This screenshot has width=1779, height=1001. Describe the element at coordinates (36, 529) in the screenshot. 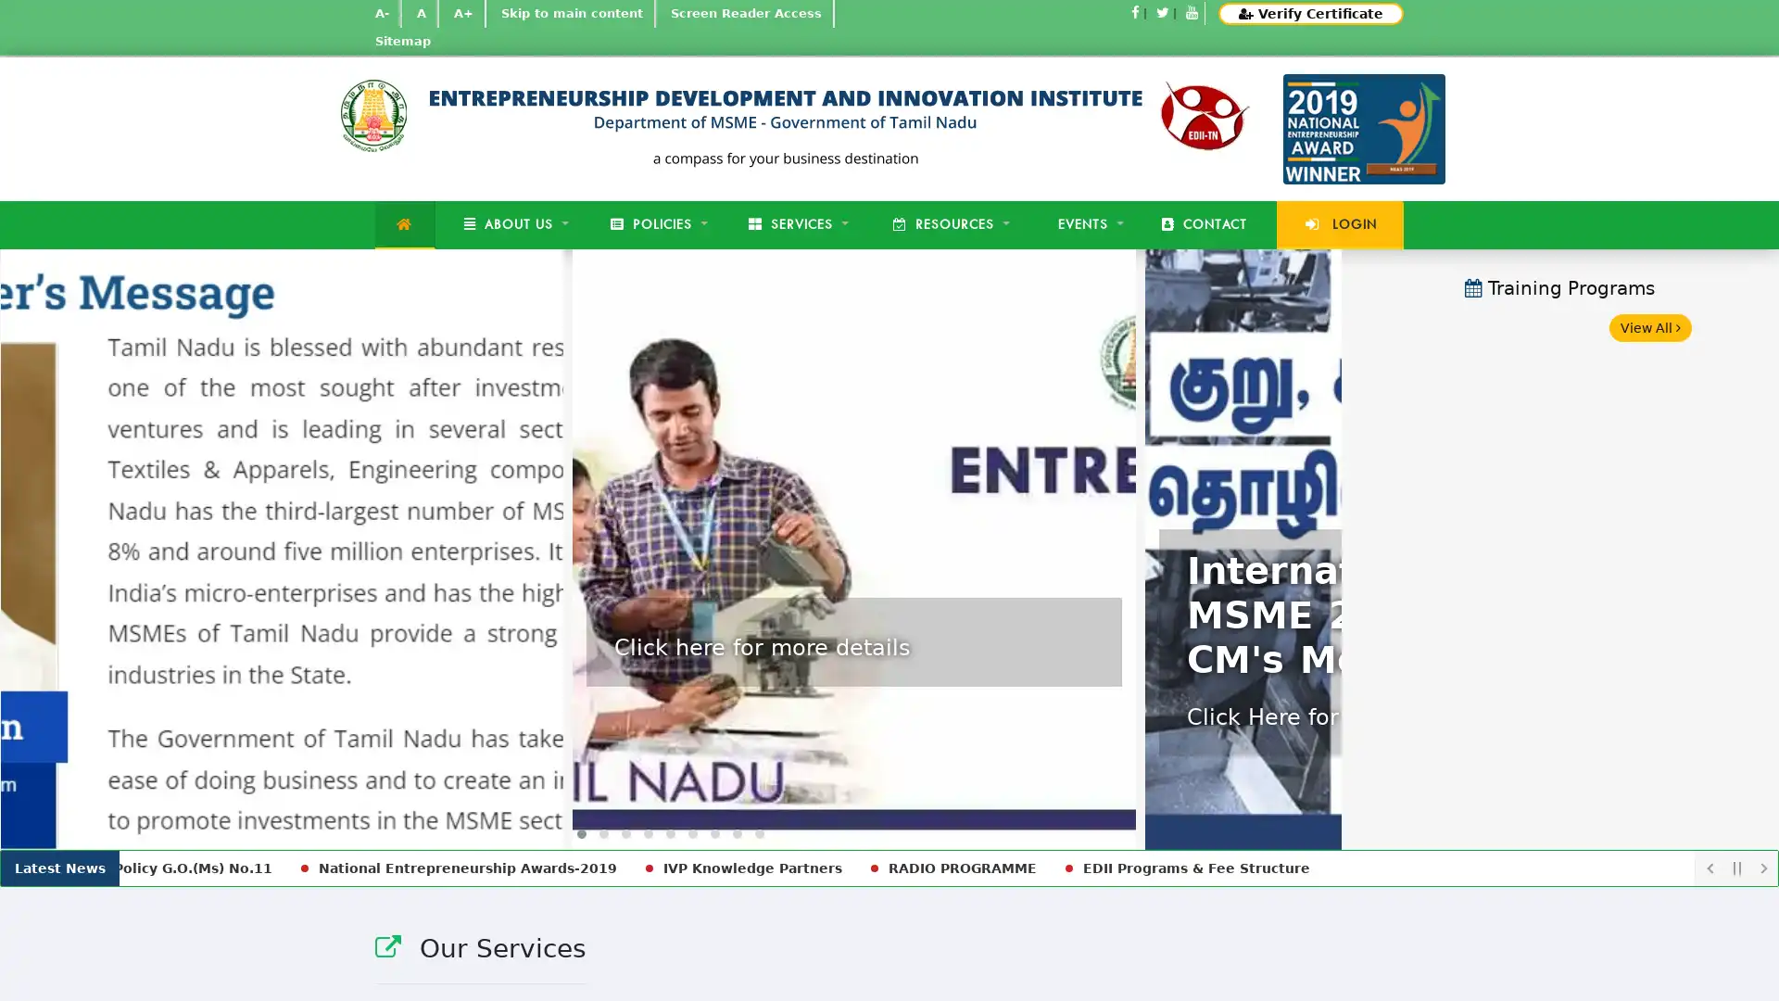

I see `Previous` at that location.